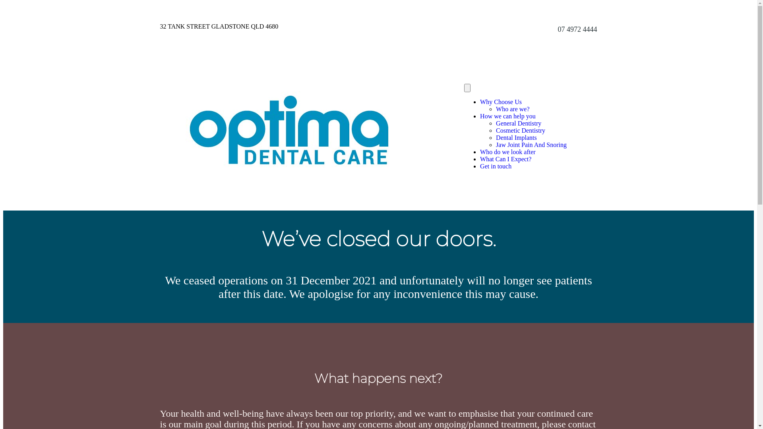  Describe the element at coordinates (531, 145) in the screenshot. I see `'Jaw Joint Pain And Snoring'` at that location.